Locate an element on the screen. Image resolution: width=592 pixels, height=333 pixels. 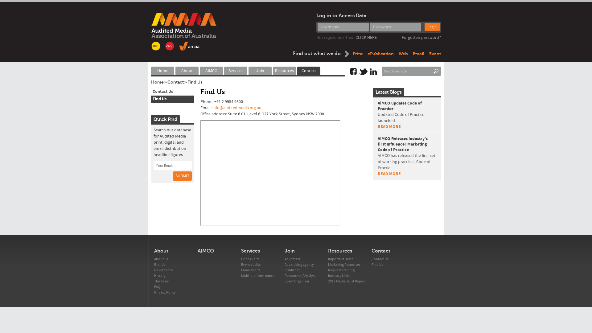
'History' is located at coordinates (160, 275).